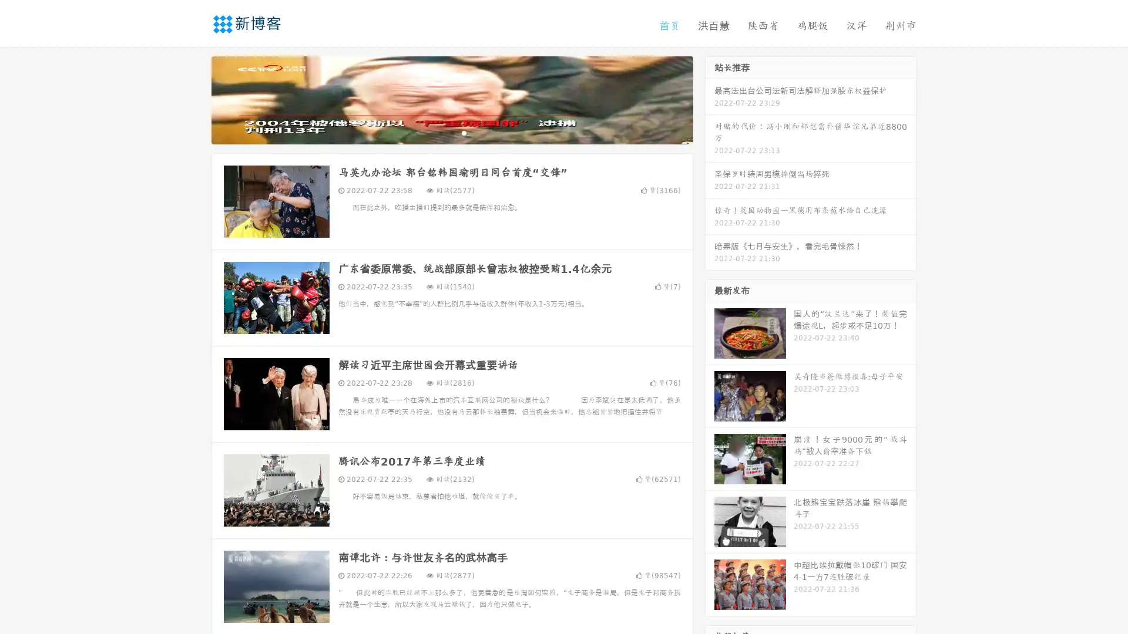  Describe the element at coordinates (464, 132) in the screenshot. I see `Go to slide 3` at that location.